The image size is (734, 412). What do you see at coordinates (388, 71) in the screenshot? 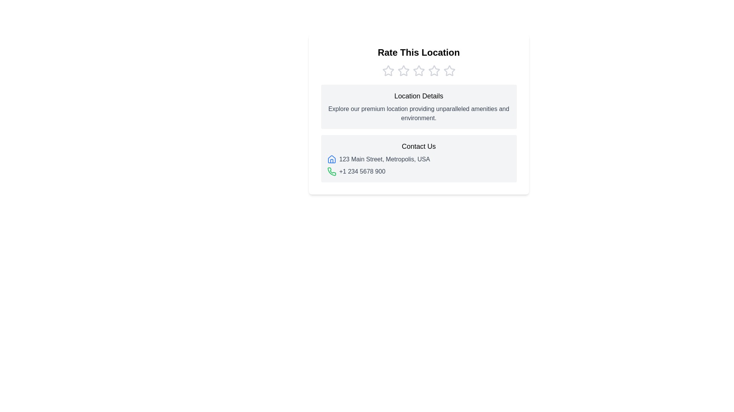
I see `the leftmost star icon in the rating section` at bounding box center [388, 71].